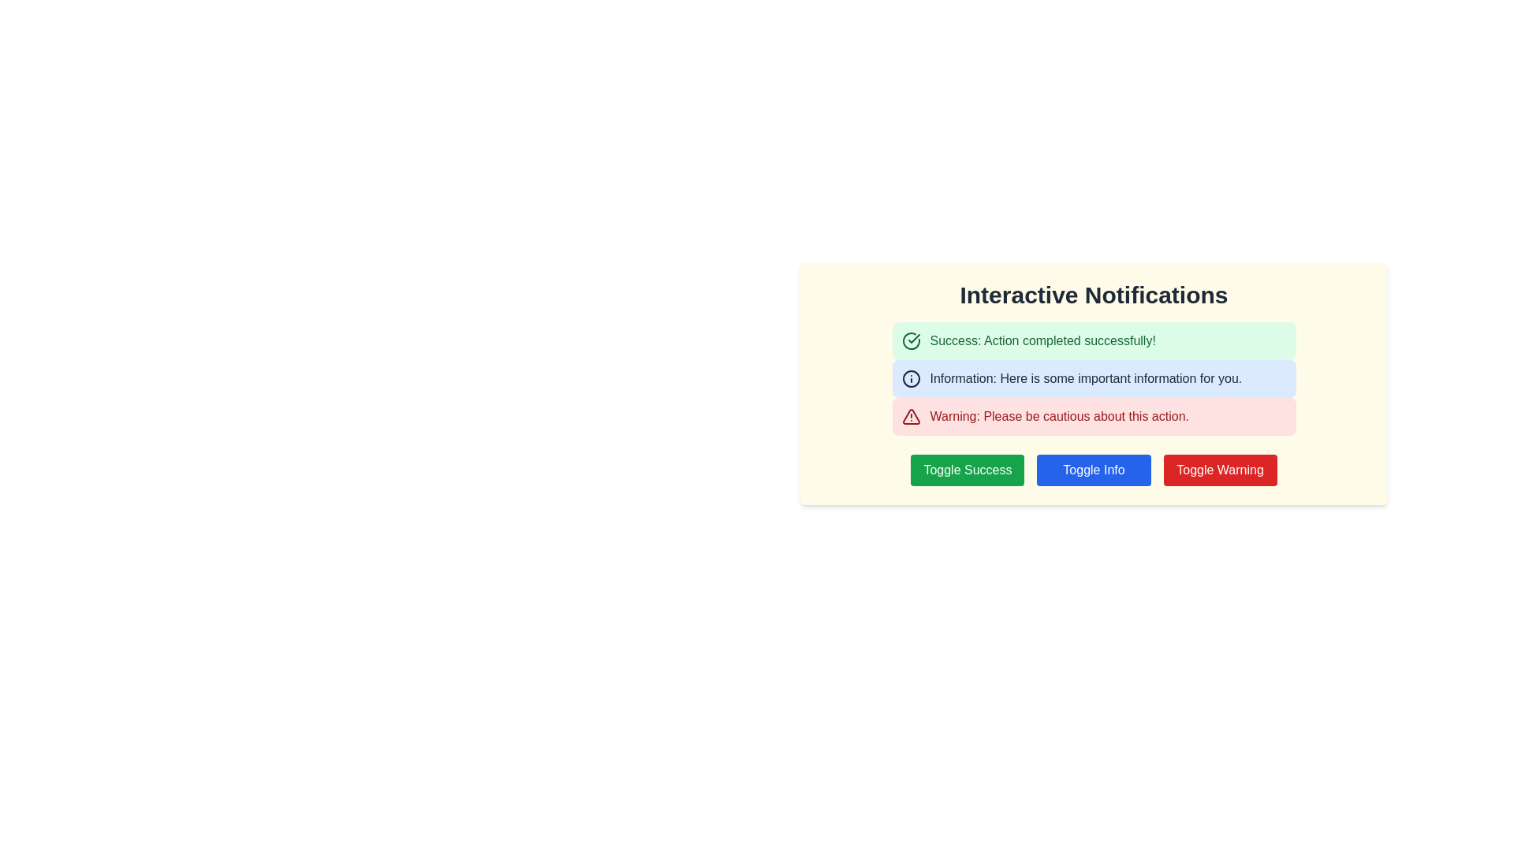  What do you see at coordinates (1219, 470) in the screenshot?
I see `the red button with rounded corners labeled 'Toggle Warning' to observe its hover effect` at bounding box center [1219, 470].